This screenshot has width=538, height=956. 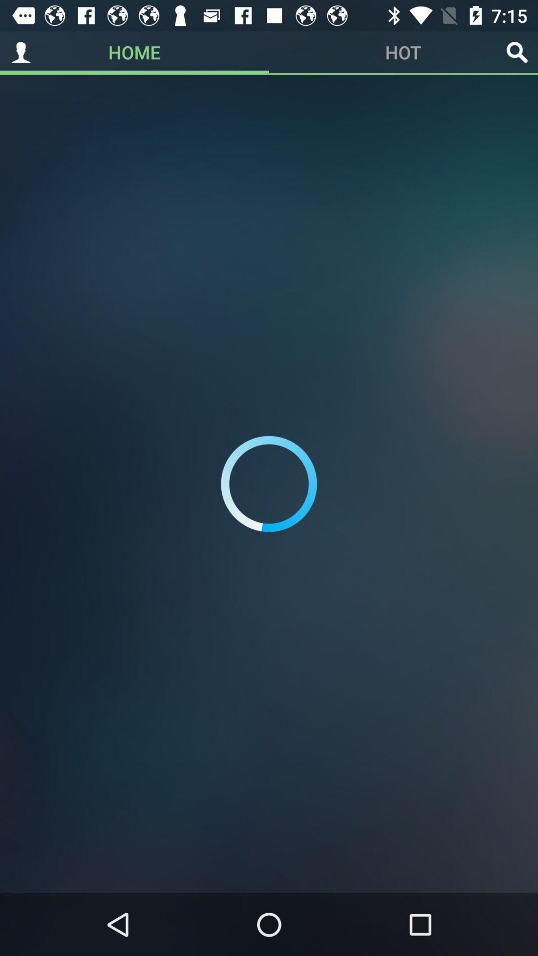 I want to click on the avatar icon, so click(x=21, y=52).